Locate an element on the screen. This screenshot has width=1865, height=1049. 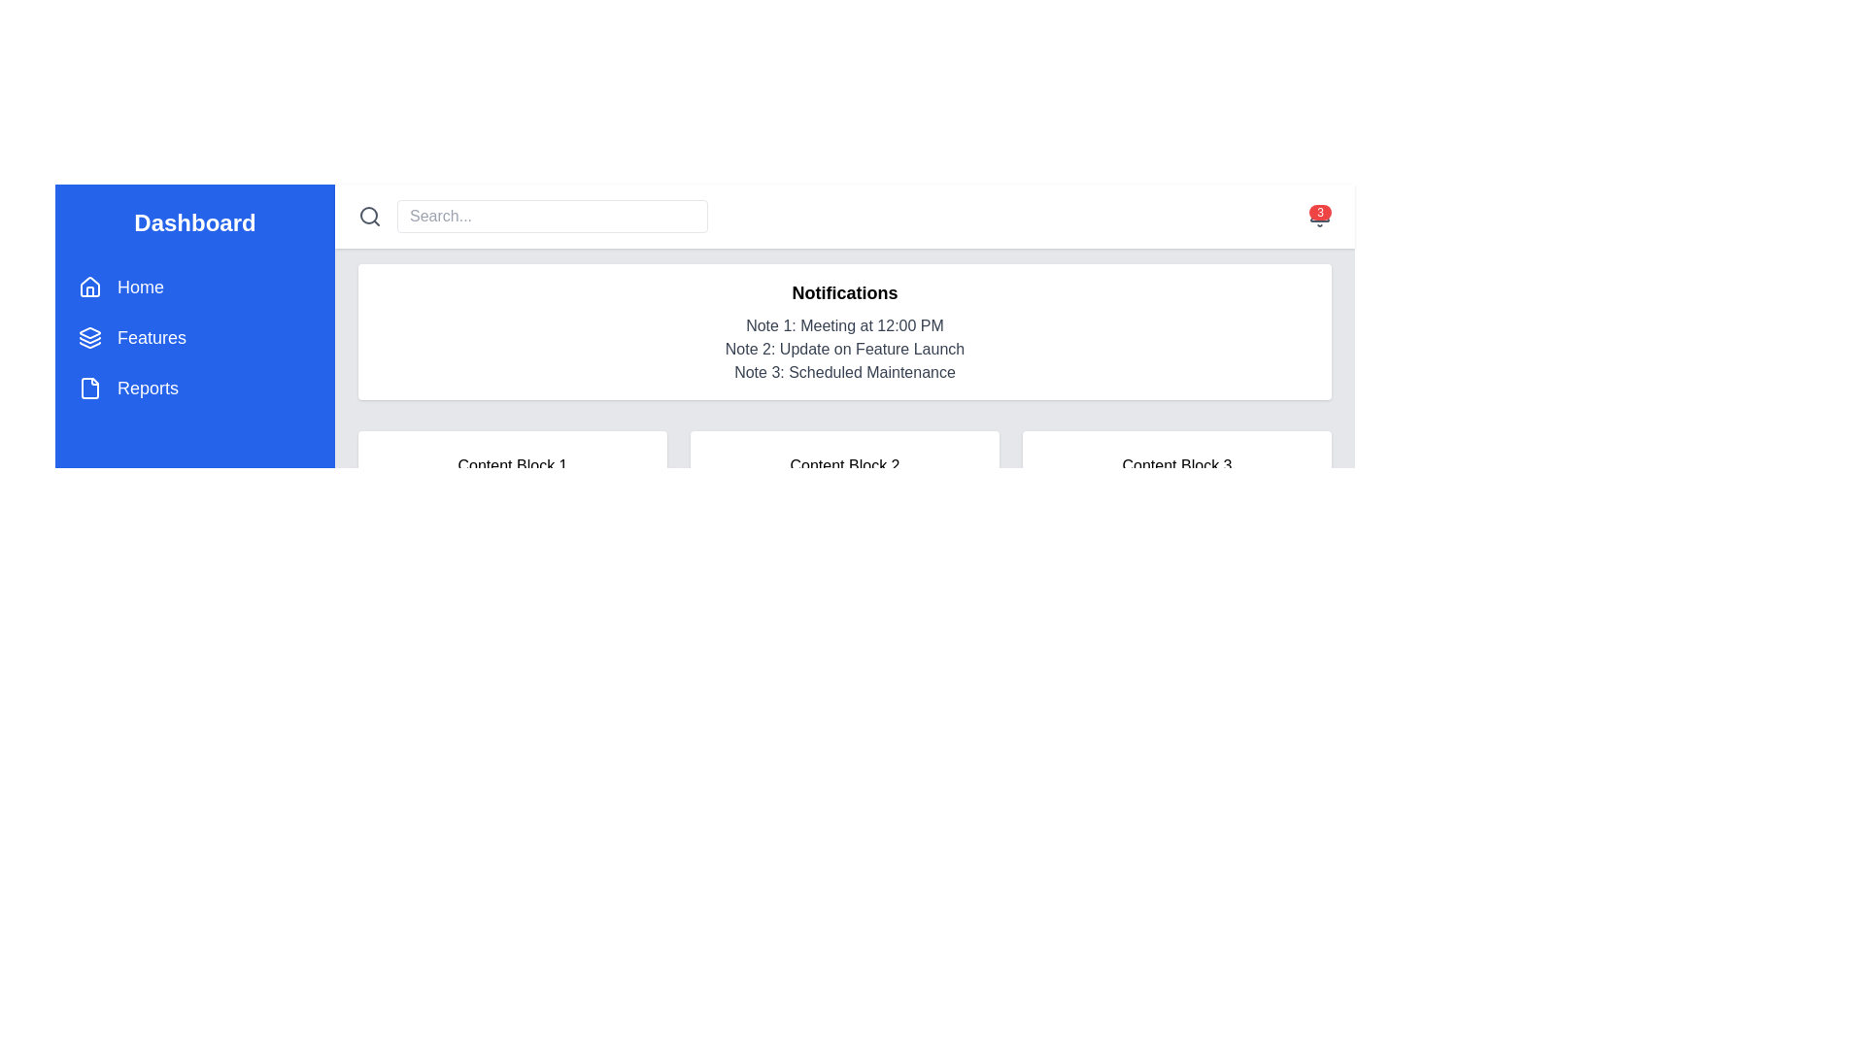
the search icon located at the top of the interface, which is the first component in its row group, to trigger a tooltip or visual response is located at coordinates (369, 217).